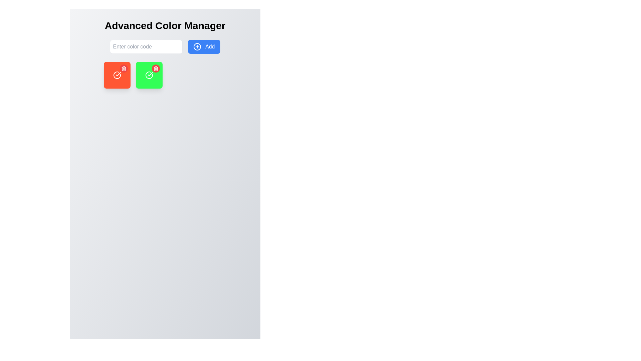 The height and width of the screenshot is (361, 641). What do you see at coordinates (124, 68) in the screenshot?
I see `the small trash bin icon button with a solid red background located in the upper-right corner of the red square card` at bounding box center [124, 68].